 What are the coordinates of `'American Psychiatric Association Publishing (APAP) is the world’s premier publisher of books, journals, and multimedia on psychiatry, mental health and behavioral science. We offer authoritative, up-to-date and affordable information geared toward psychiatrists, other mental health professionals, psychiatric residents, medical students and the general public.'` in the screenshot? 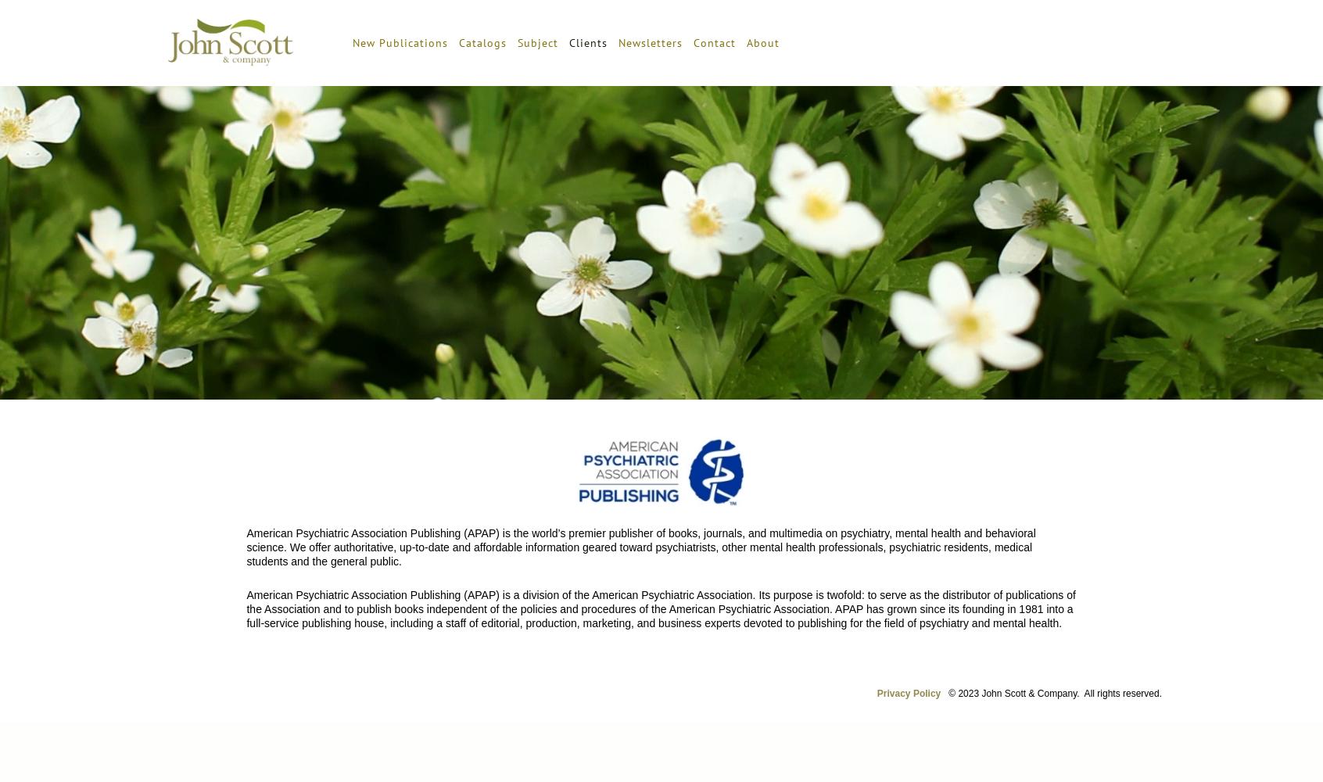 It's located at (640, 547).